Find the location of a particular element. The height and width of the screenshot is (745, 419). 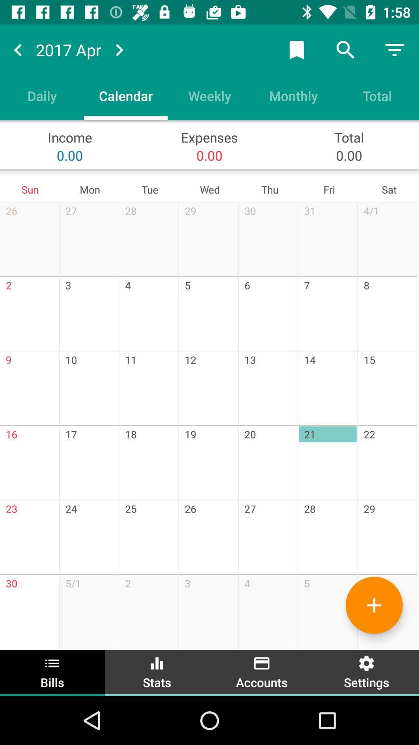

the arrow_backward icon is located at coordinates (17, 49).